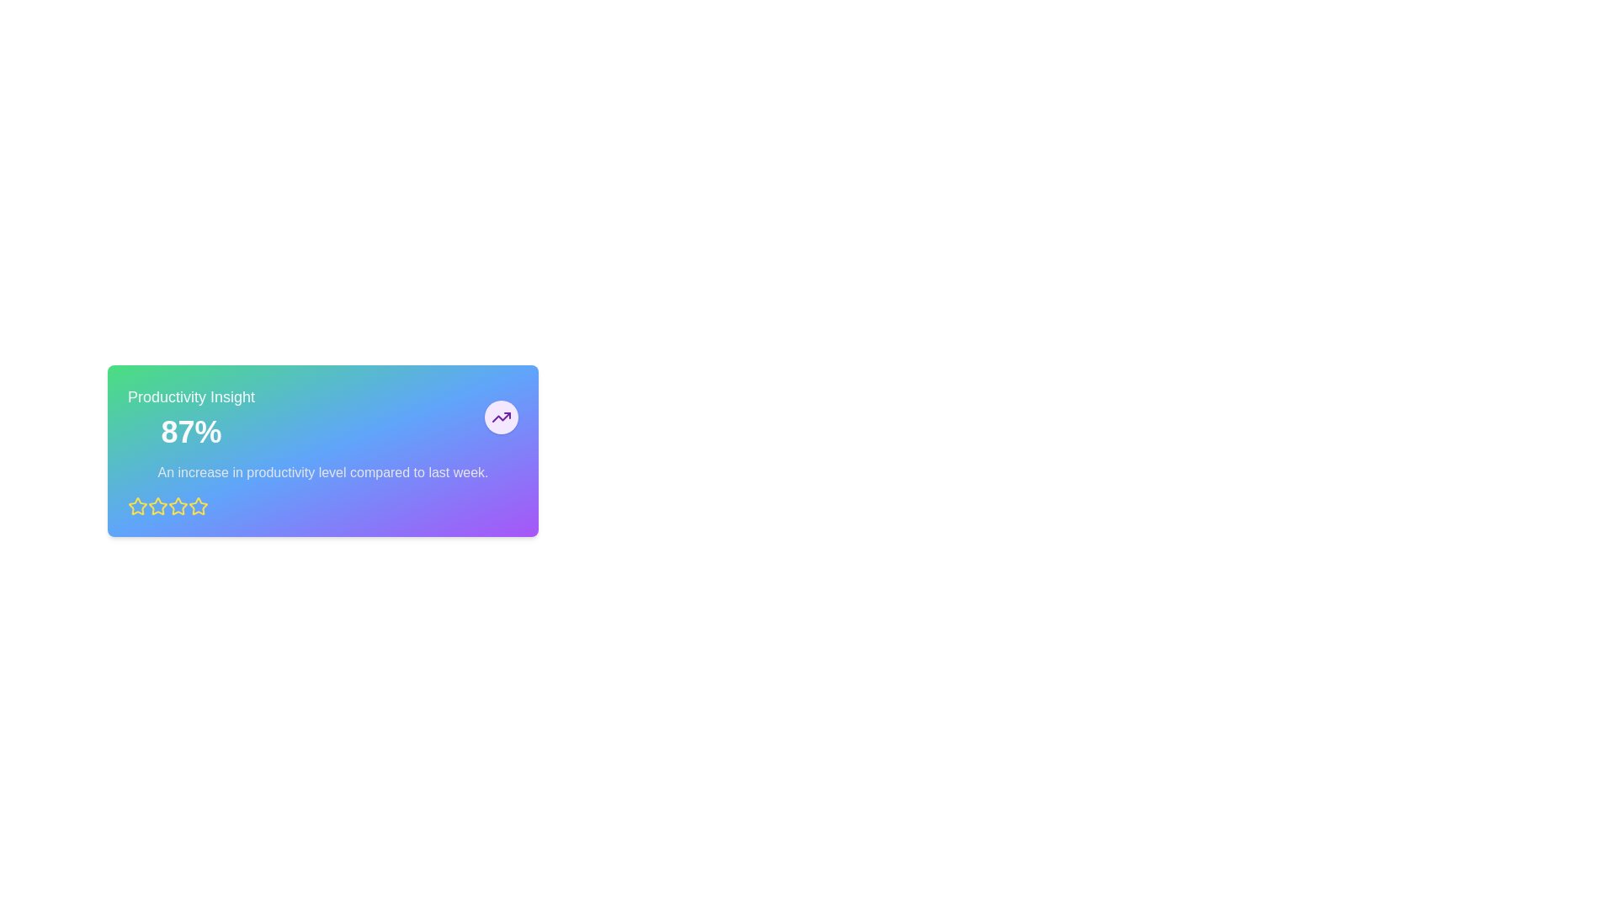 This screenshot has width=1616, height=909. I want to click on the third yellow rating star in the star rating system located within the colorful card interface for productivity insights, so click(198, 505).